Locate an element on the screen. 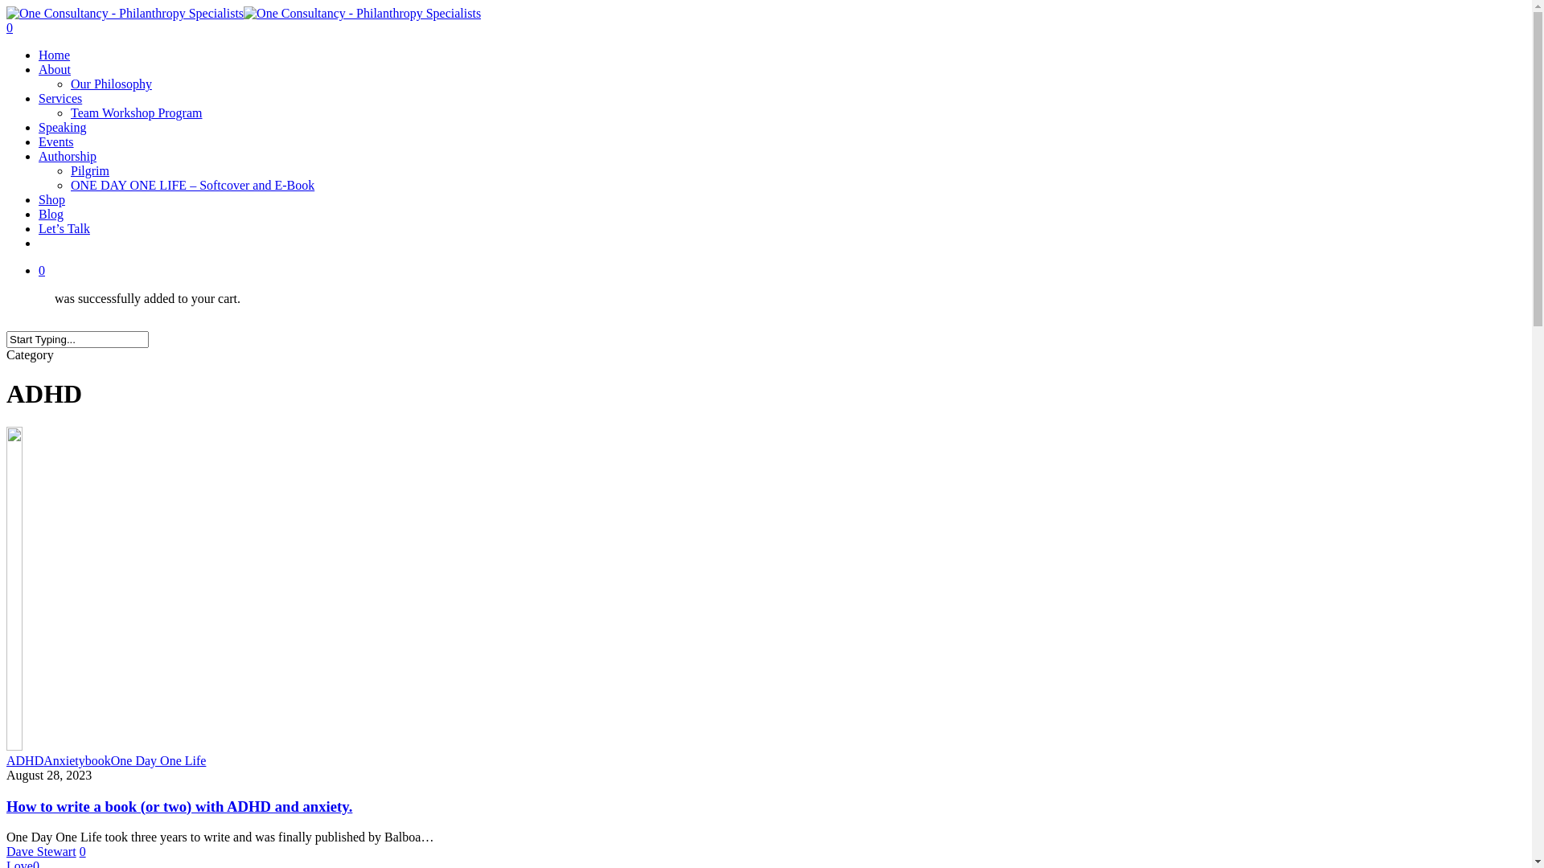 This screenshot has height=868, width=1544. 'Blog' is located at coordinates (51, 213).